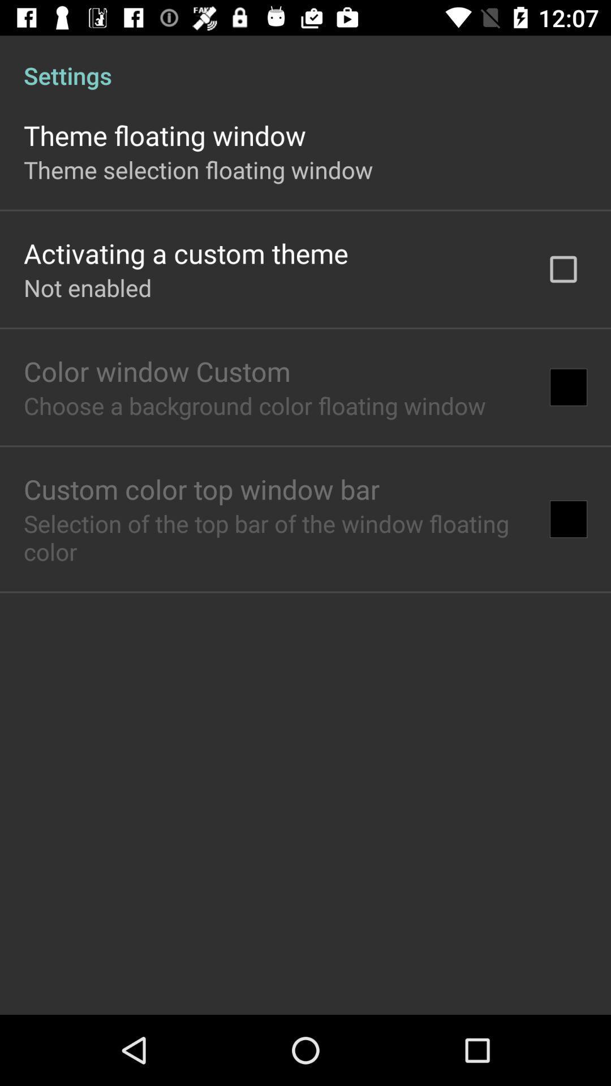 Image resolution: width=611 pixels, height=1086 pixels. Describe the element at coordinates (185, 252) in the screenshot. I see `activating a custom` at that location.